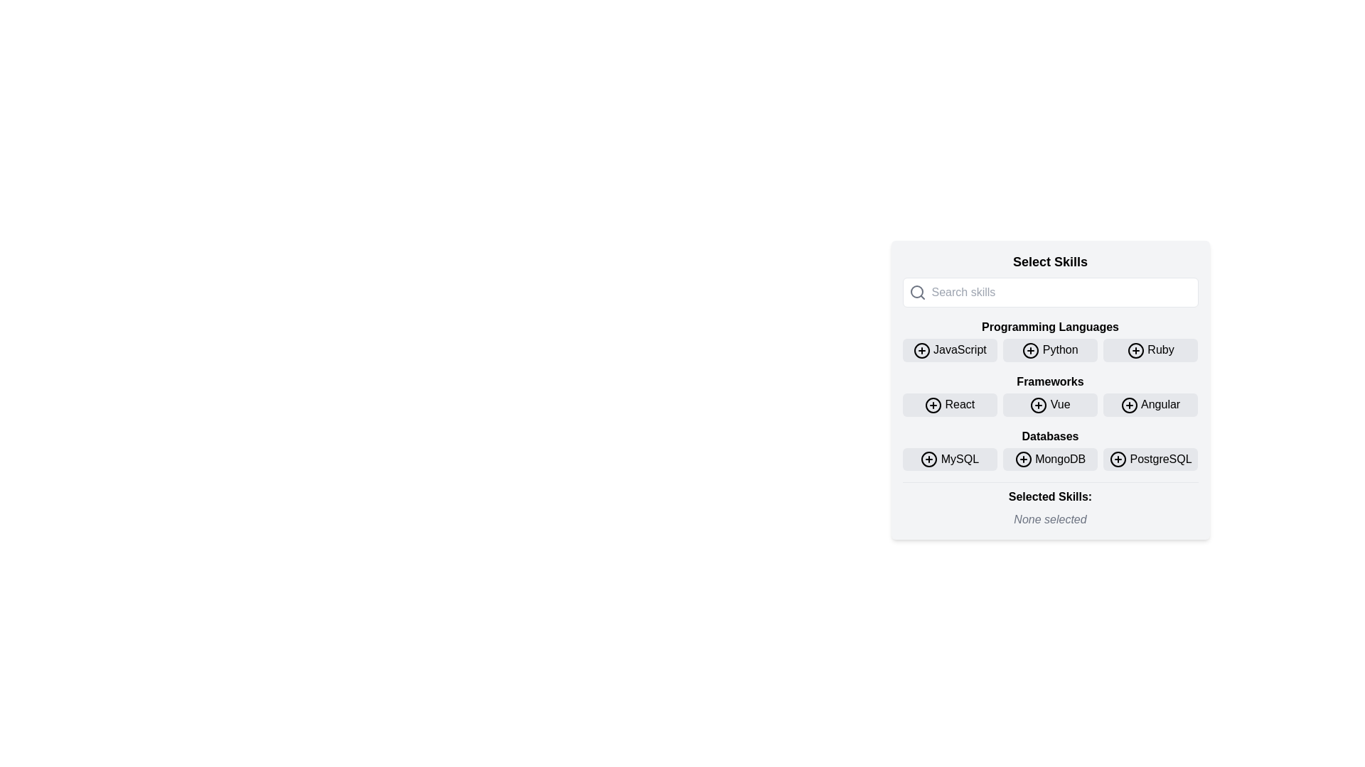 The width and height of the screenshot is (1365, 767). I want to click on the SVG circle component element, which is a small circle with a radius of 10 pixels located within the '+' symbol in the Databases section of the interface, so click(929, 459).